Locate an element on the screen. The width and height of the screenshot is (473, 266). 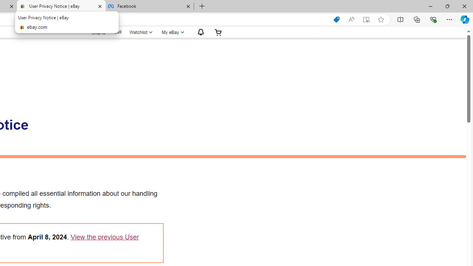
'Your shopping cart' is located at coordinates (218, 32).